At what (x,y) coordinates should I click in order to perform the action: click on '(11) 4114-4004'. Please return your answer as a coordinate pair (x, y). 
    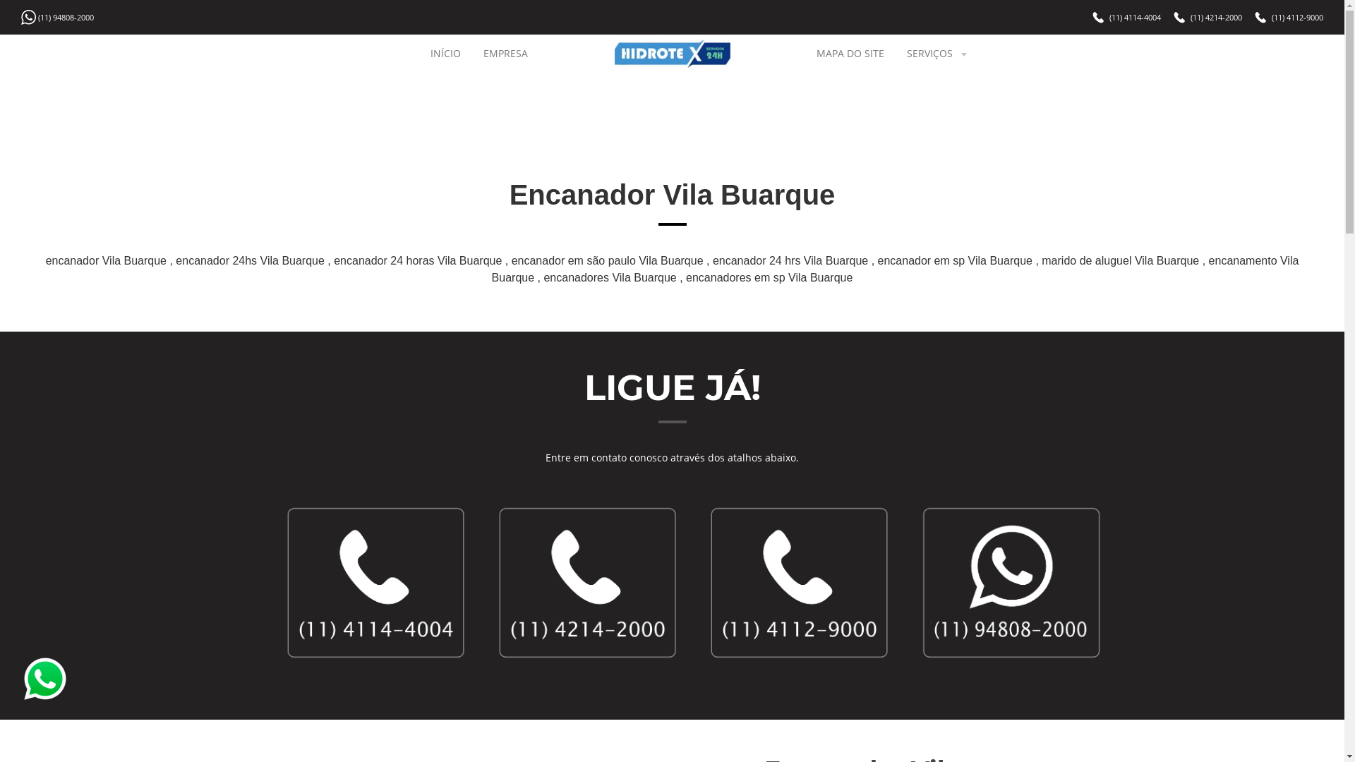
    Looking at the image, I should click on (1135, 17).